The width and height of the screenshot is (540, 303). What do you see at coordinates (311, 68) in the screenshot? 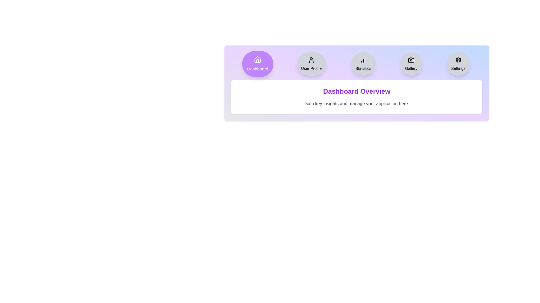
I see `the 'User Profile' text label located within the circular button in the navigation bar, which serves to clarify the button's purpose to users` at bounding box center [311, 68].